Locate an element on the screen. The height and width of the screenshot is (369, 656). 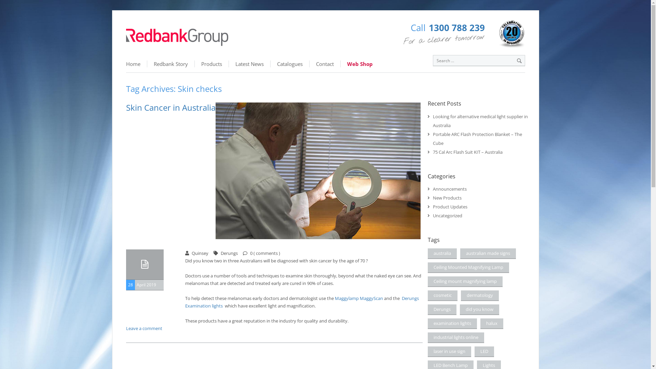
'Web Shop' is located at coordinates (340, 64).